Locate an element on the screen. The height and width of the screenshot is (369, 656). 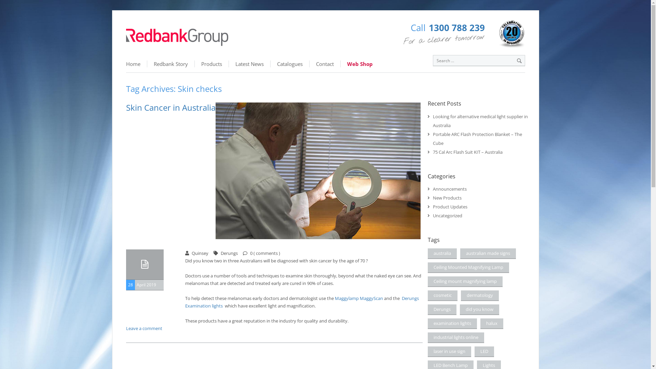
'Web Shop' is located at coordinates (340, 64).